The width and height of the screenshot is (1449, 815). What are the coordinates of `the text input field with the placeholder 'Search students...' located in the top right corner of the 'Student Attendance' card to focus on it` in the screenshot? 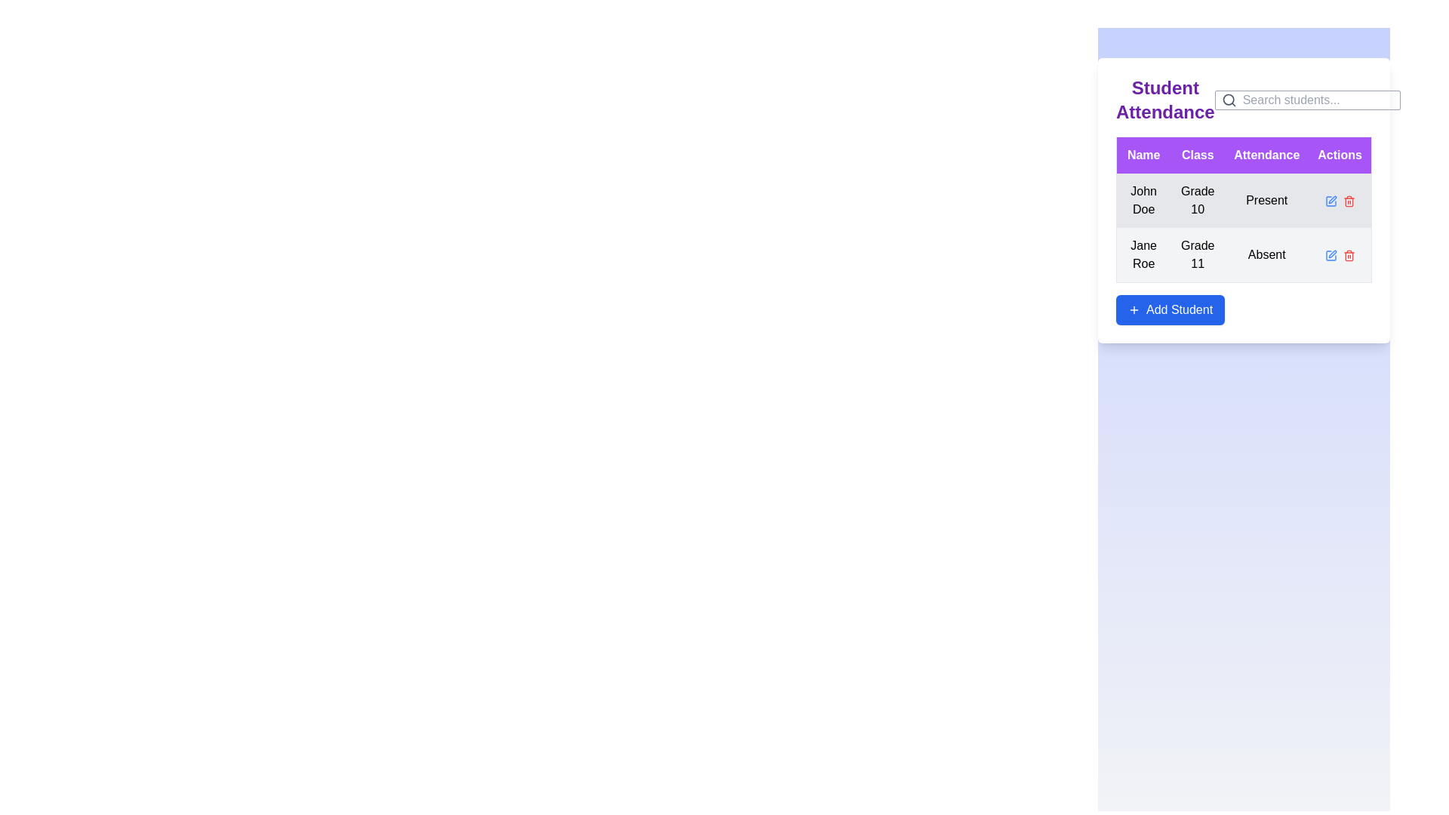 It's located at (1317, 100).